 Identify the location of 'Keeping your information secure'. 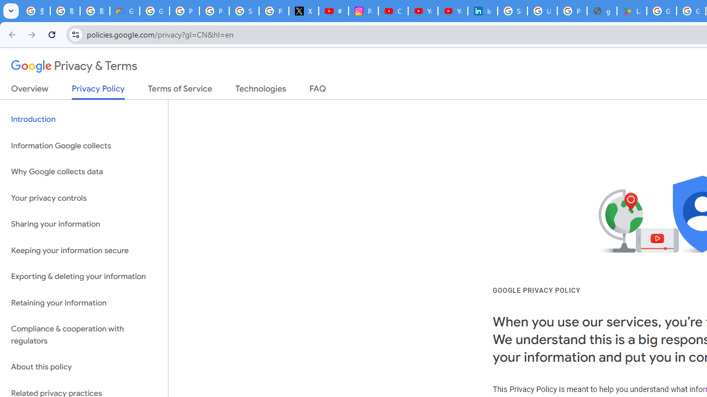
(83, 250).